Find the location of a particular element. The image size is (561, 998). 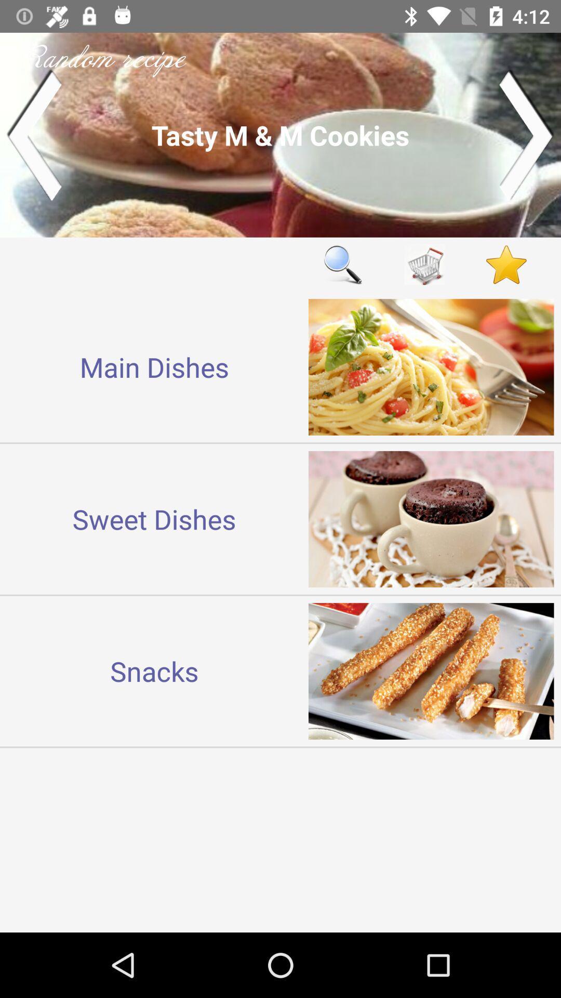

the main dishes item is located at coordinates (154, 367).